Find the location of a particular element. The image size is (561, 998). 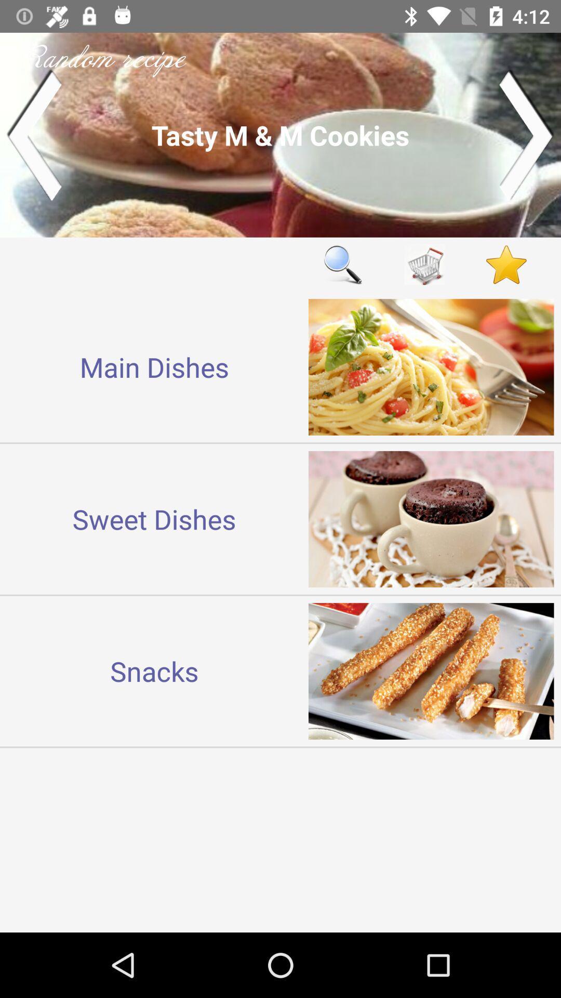

the main dishes item is located at coordinates (154, 367).